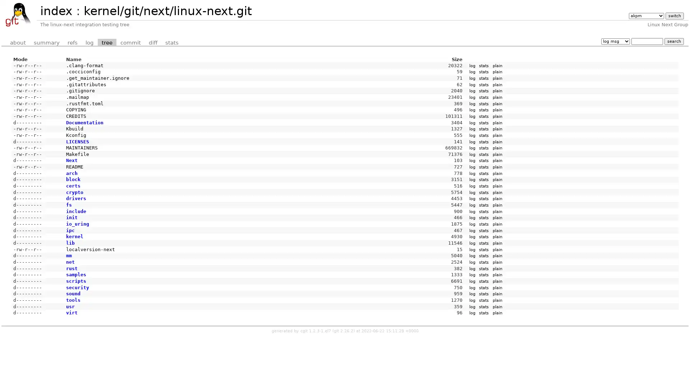 The image size is (690, 388). I want to click on search, so click(673, 41).